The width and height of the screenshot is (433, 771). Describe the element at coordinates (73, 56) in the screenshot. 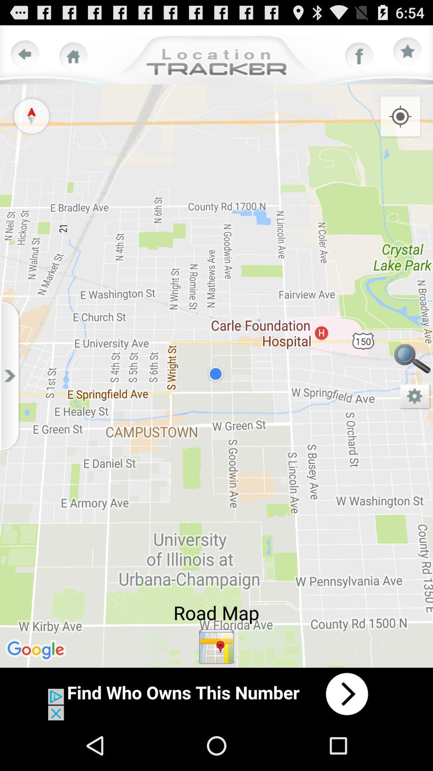

I see `home screen` at that location.